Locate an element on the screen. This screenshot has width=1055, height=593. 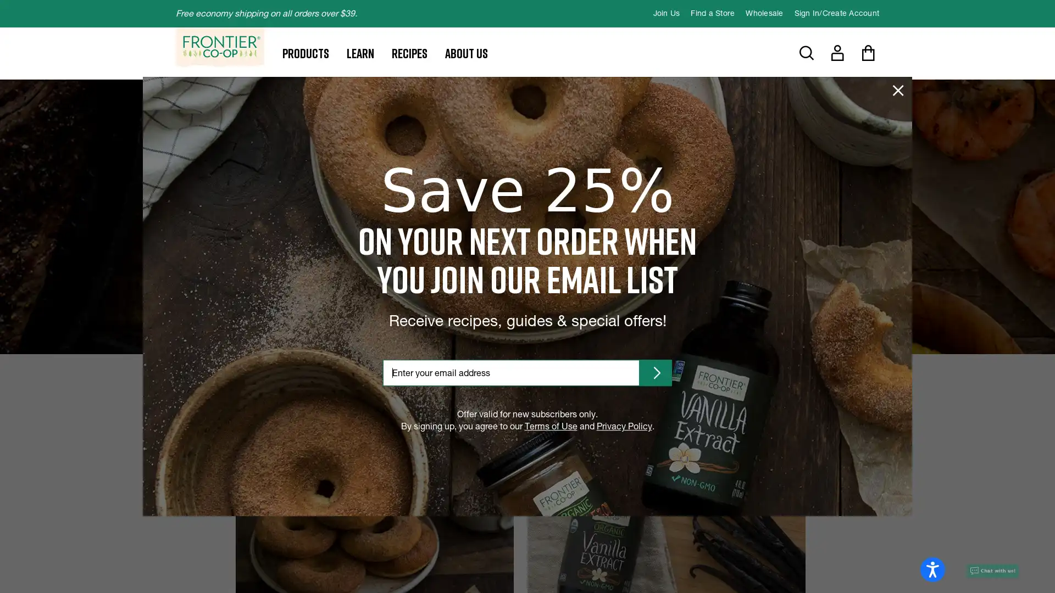
About Us is located at coordinates (467, 53).